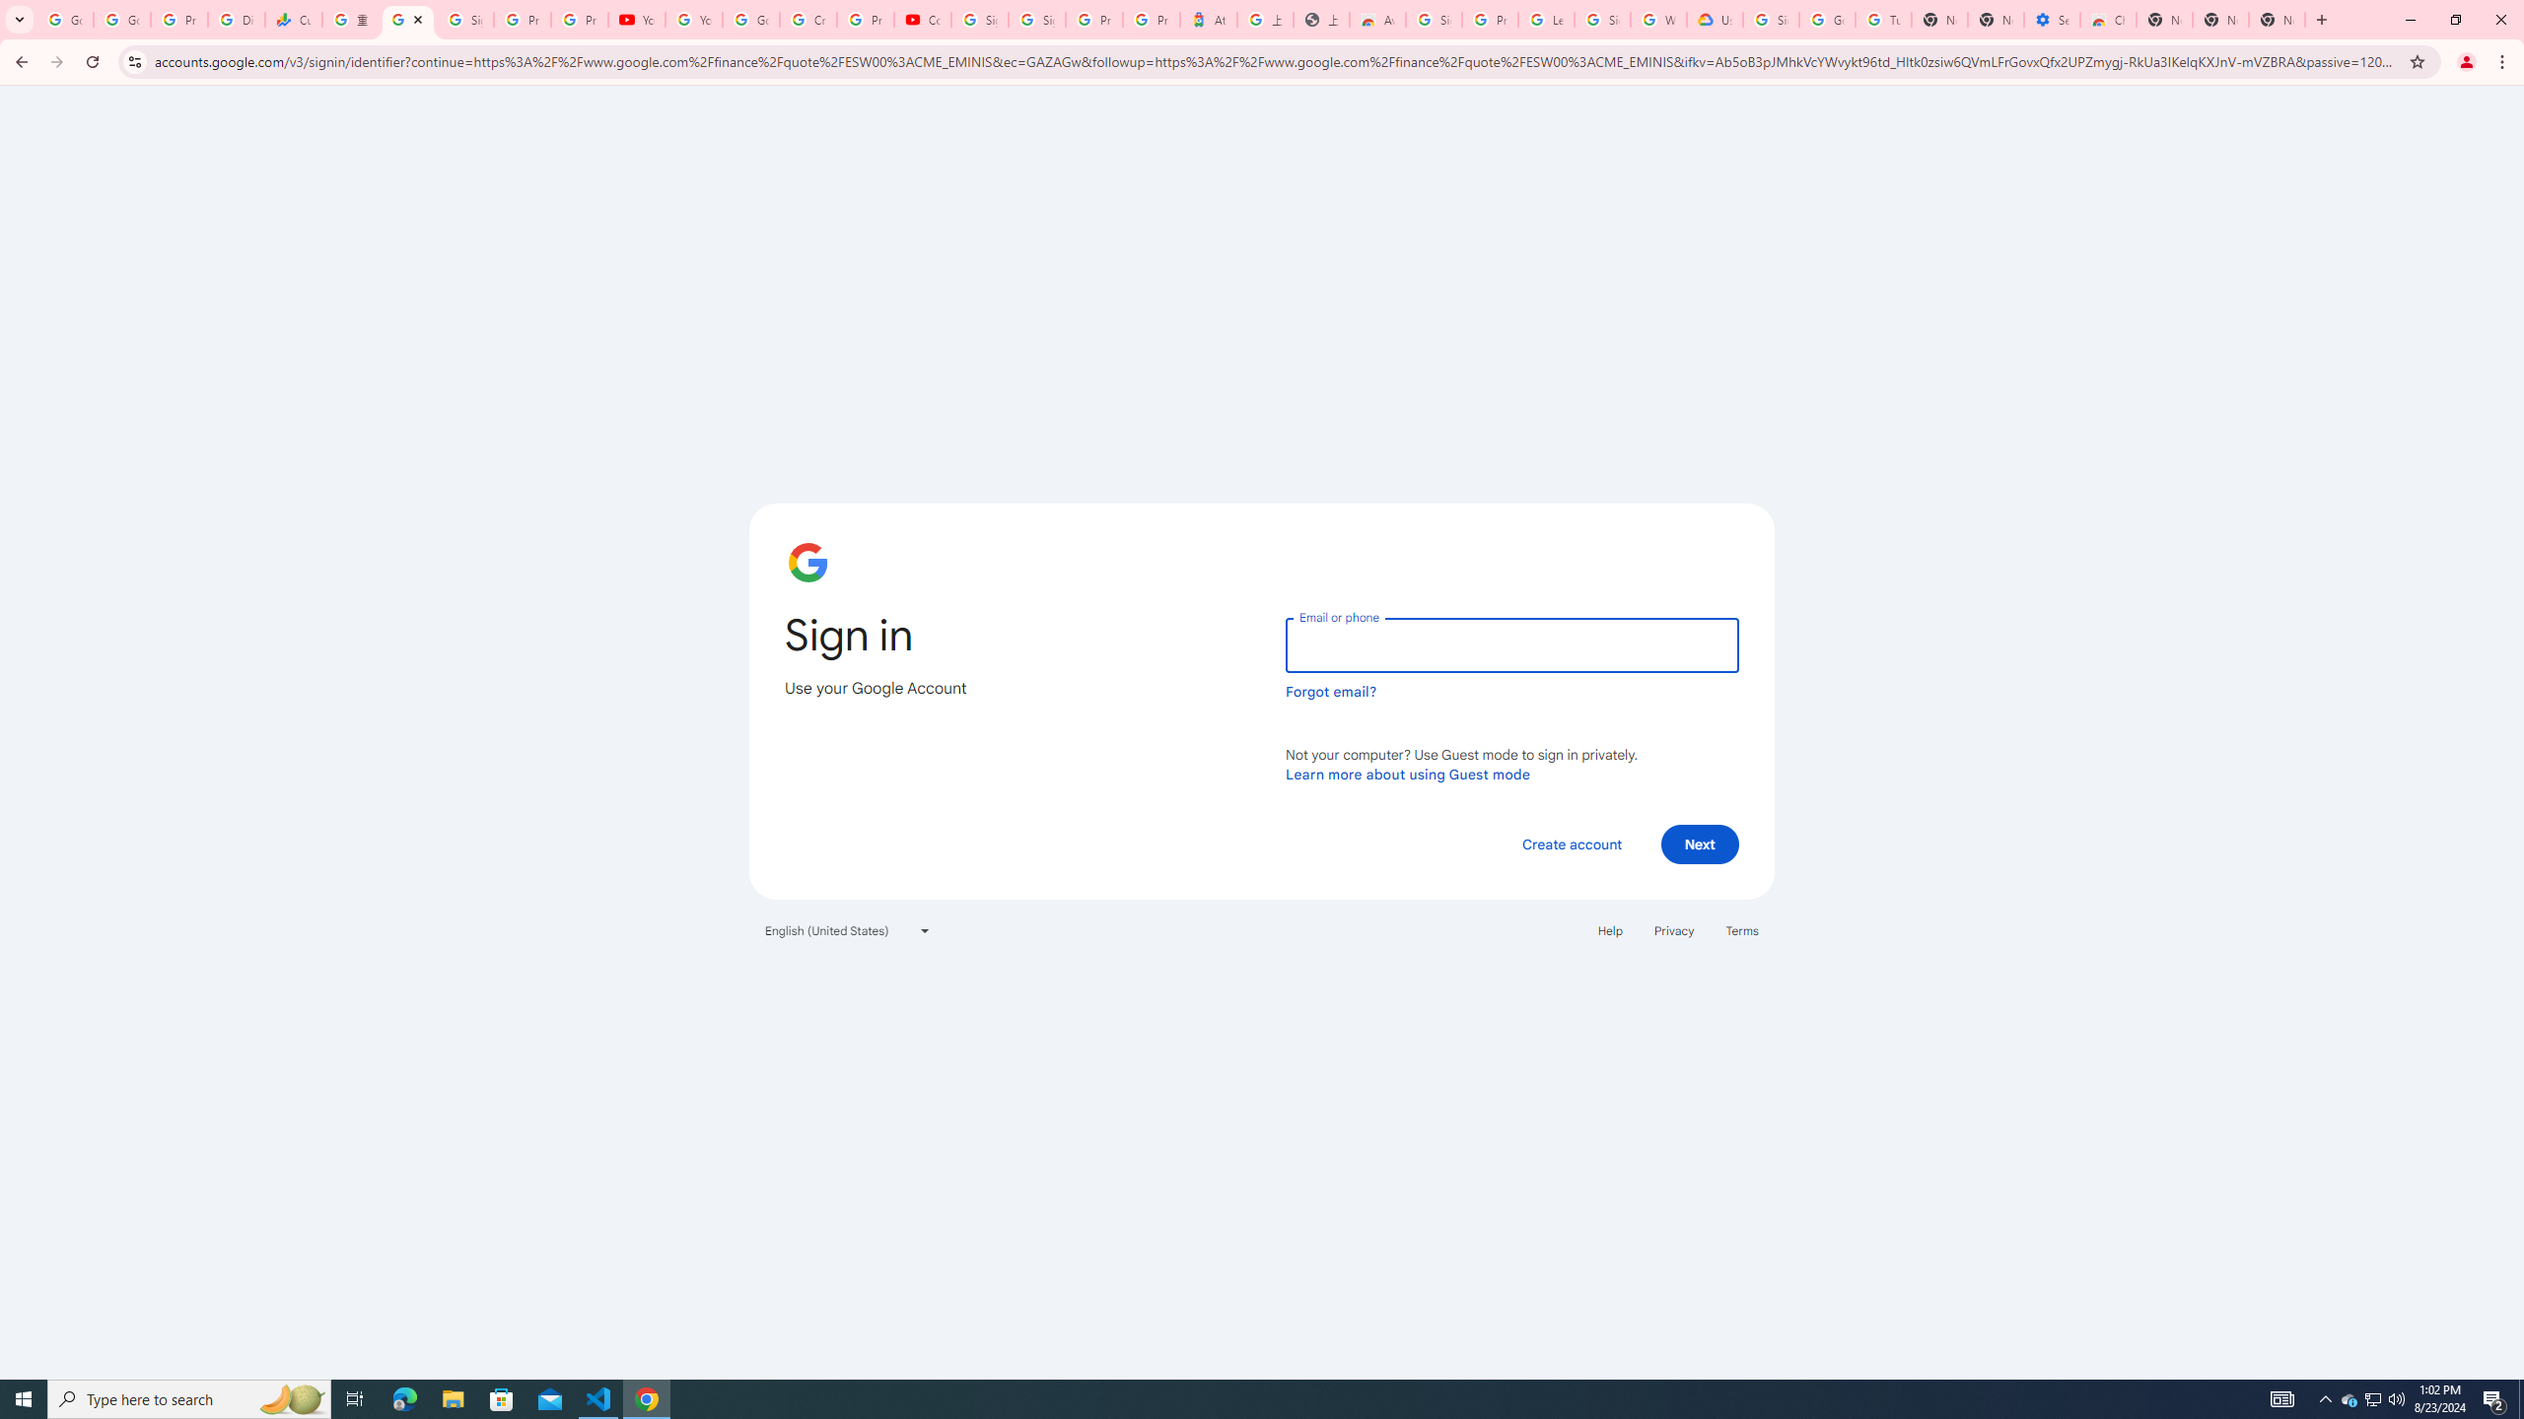 This screenshot has height=1419, width=2524. Describe the element at coordinates (921, 19) in the screenshot. I see `'Content Creator Programs & Opportunities - YouTube Creators'` at that location.